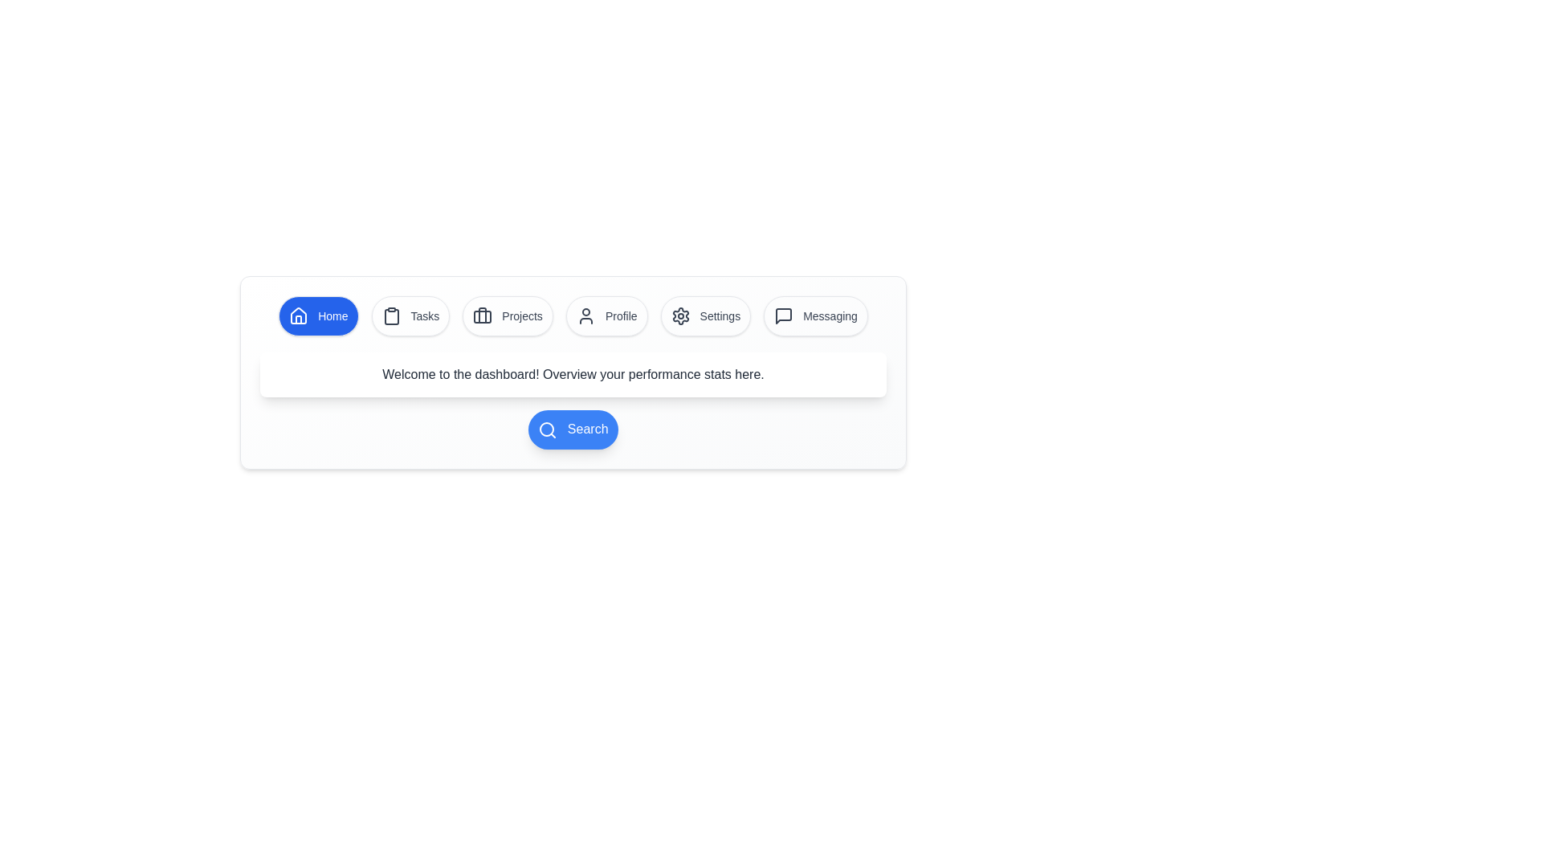  I want to click on the gear-shaped icon indicating settings, located in the 'Settings' tab, so click(680, 315).